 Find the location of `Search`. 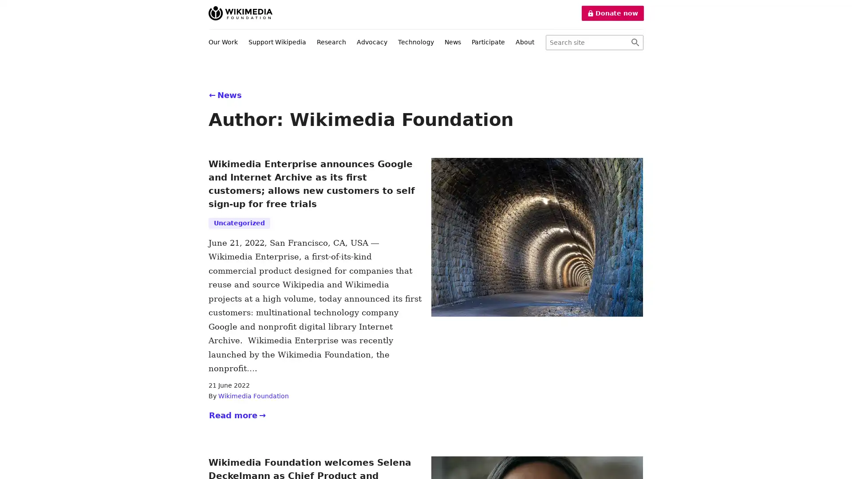

Search is located at coordinates (635, 43).